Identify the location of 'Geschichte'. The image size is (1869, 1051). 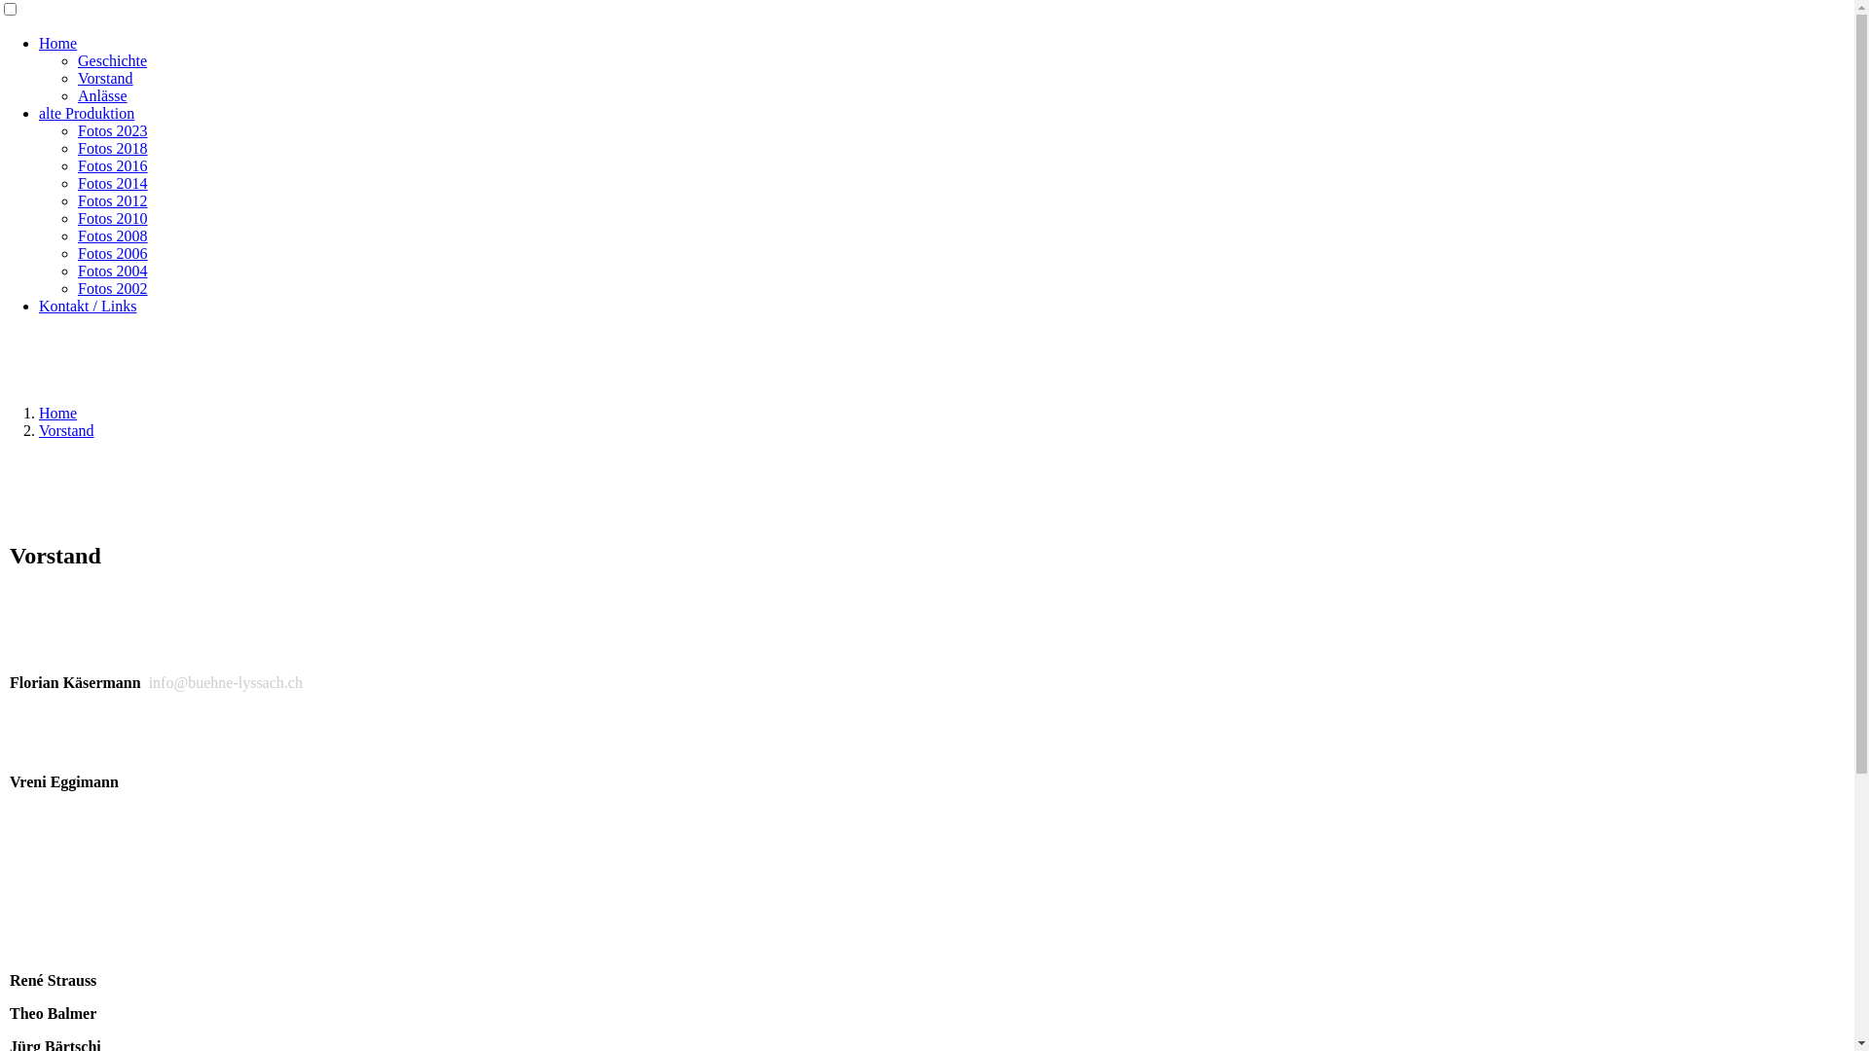
(111, 59).